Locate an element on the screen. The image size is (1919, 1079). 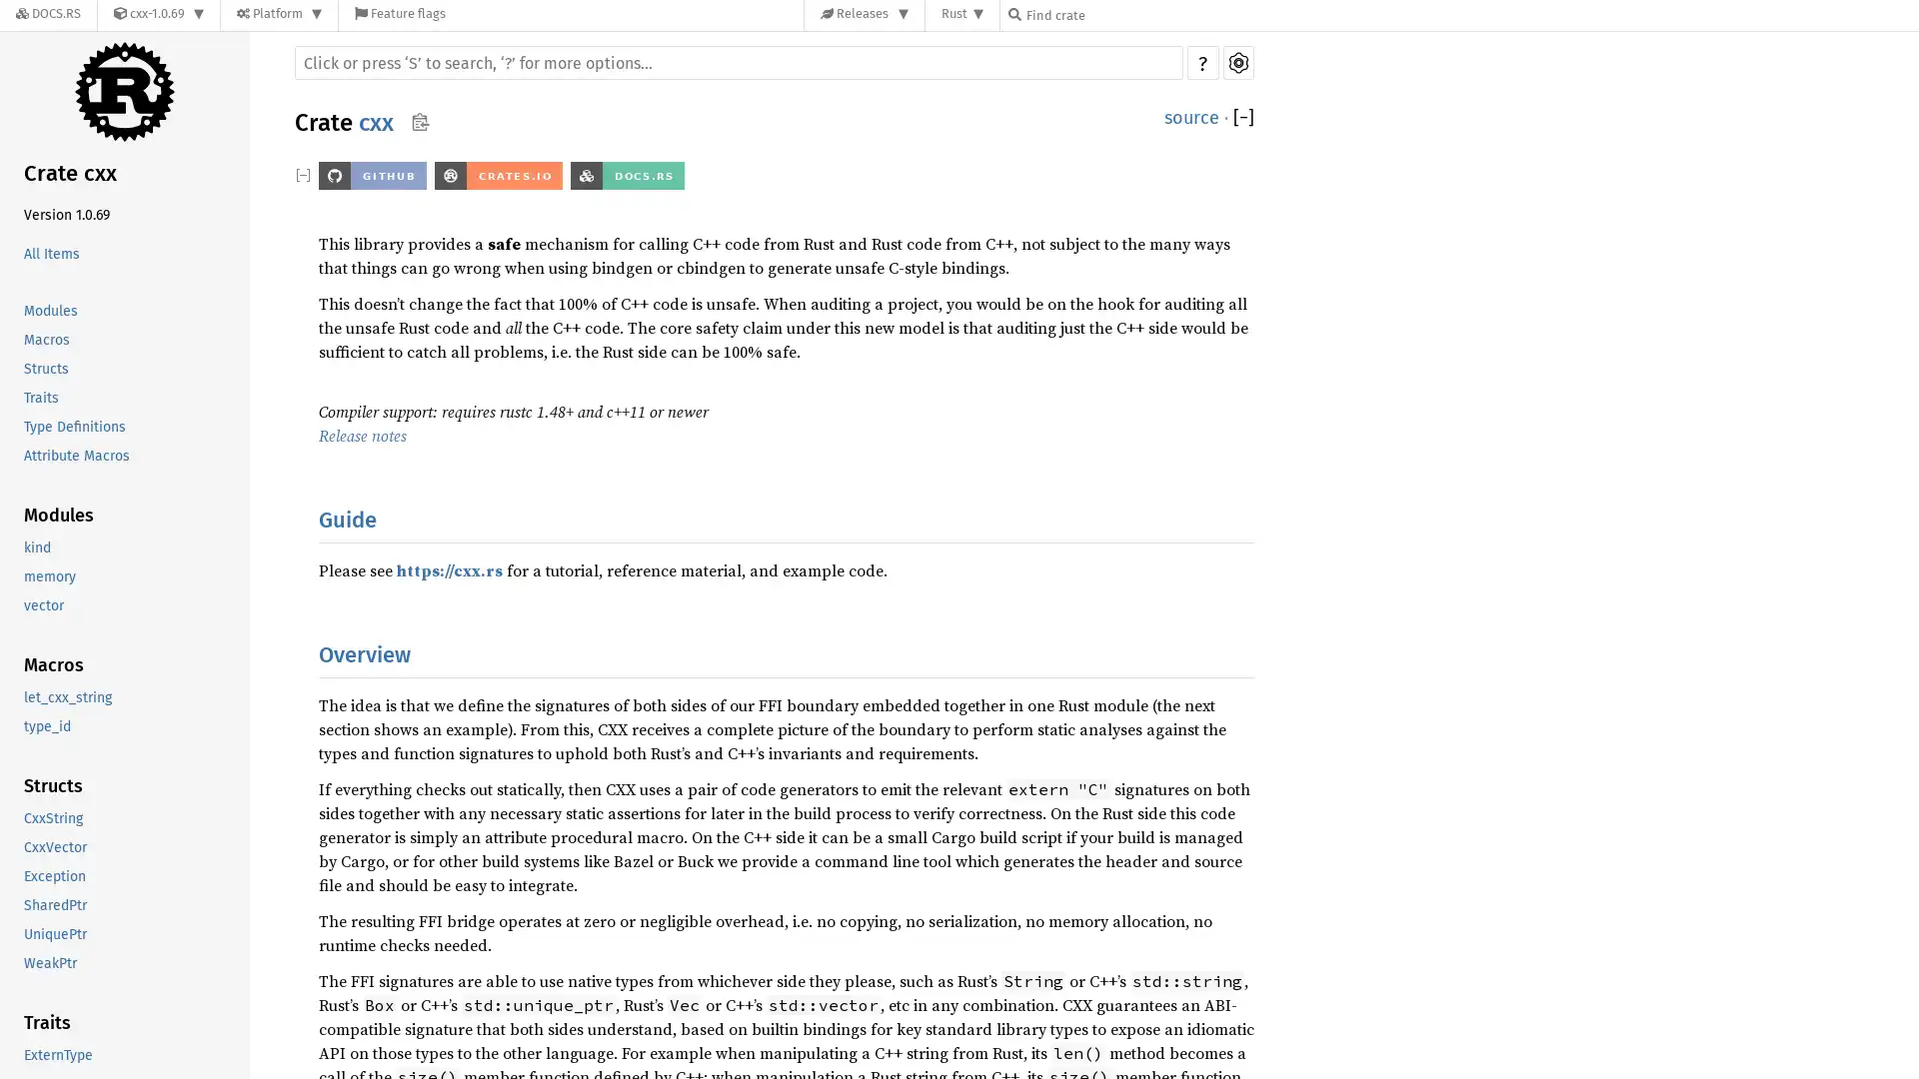
? is located at coordinates (1201, 61).